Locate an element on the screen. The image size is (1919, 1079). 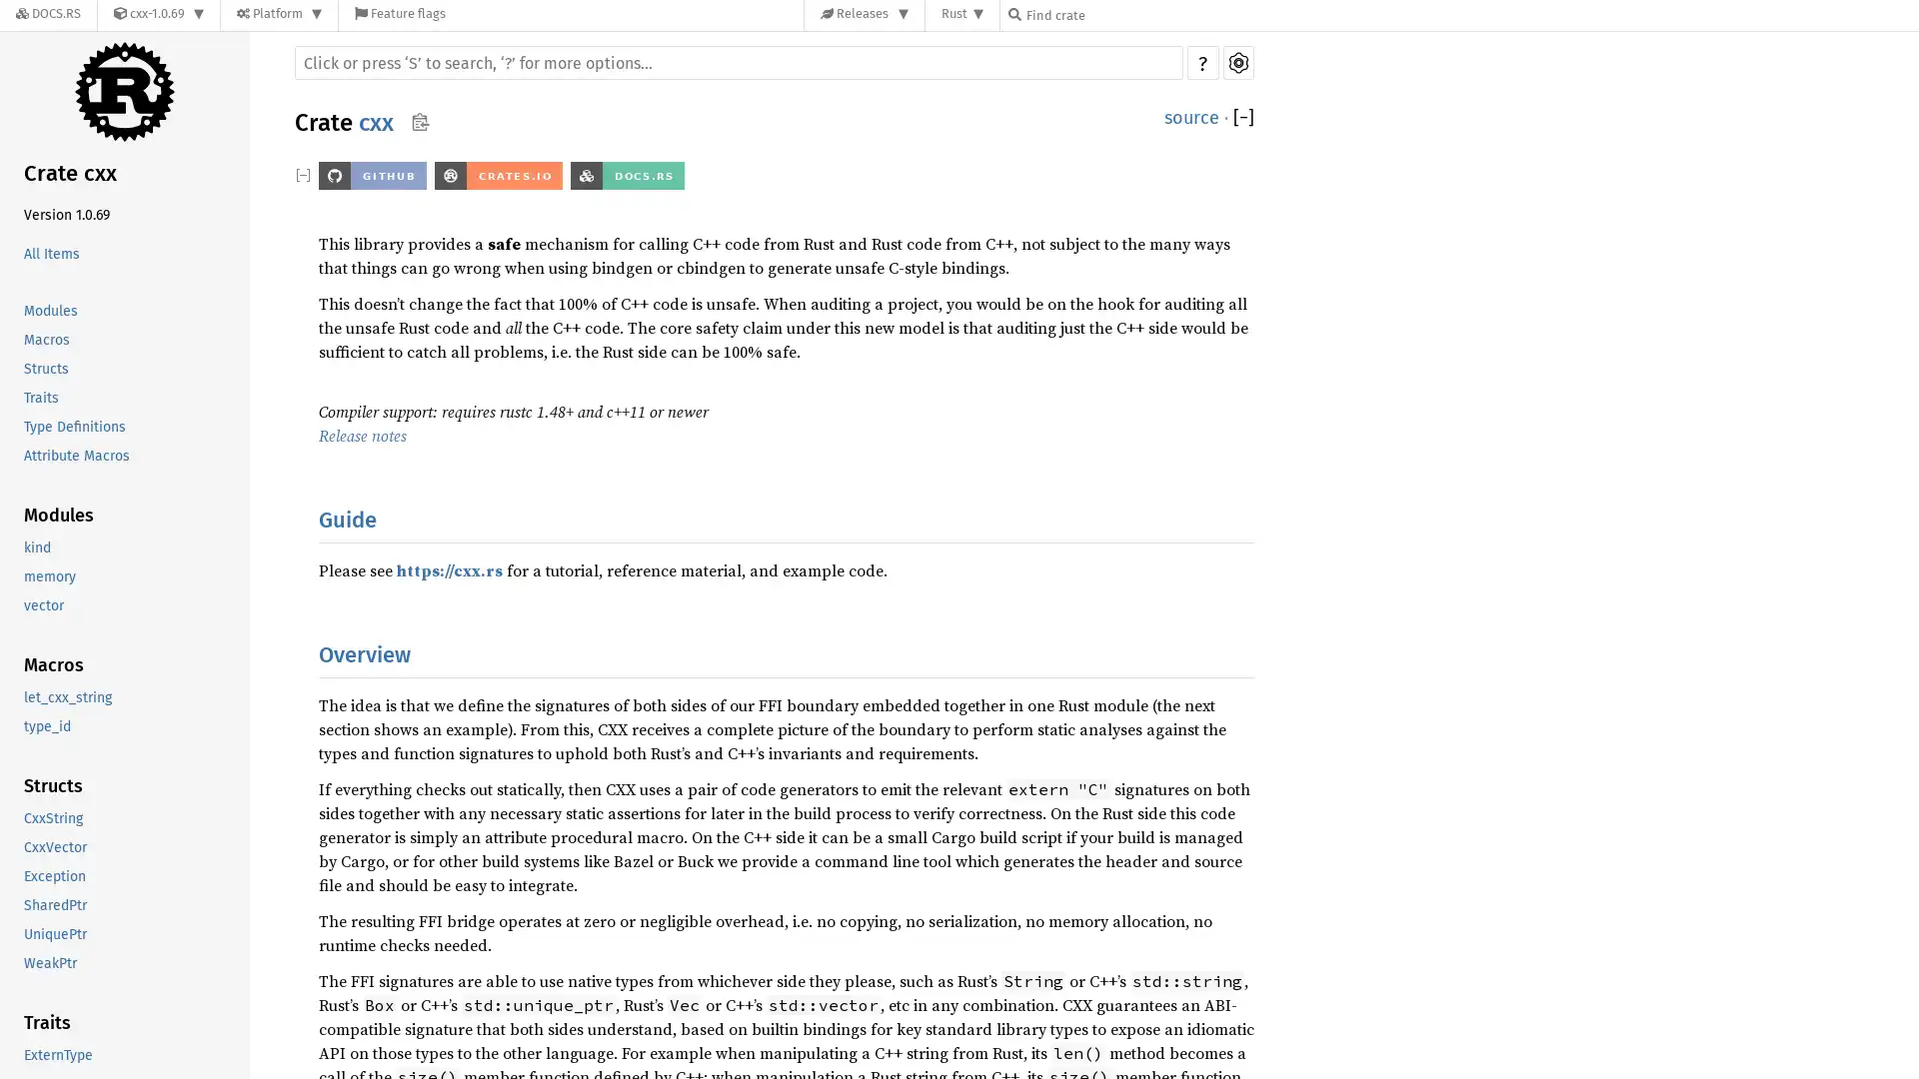
? is located at coordinates (1201, 61).